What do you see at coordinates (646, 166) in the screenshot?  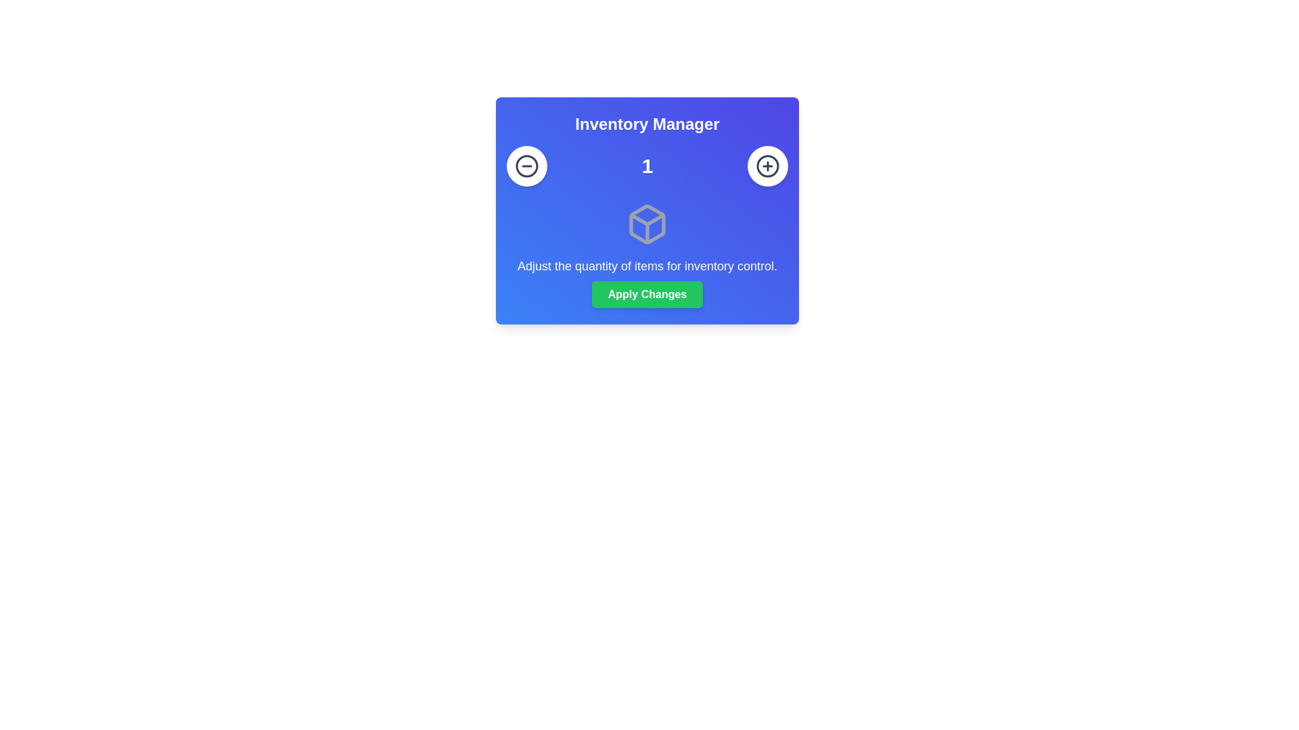 I see `numeral displayed in the label located centrally between the minus and plus buttons, below the title 'Inventory Manager' and above the cube icon` at bounding box center [646, 166].